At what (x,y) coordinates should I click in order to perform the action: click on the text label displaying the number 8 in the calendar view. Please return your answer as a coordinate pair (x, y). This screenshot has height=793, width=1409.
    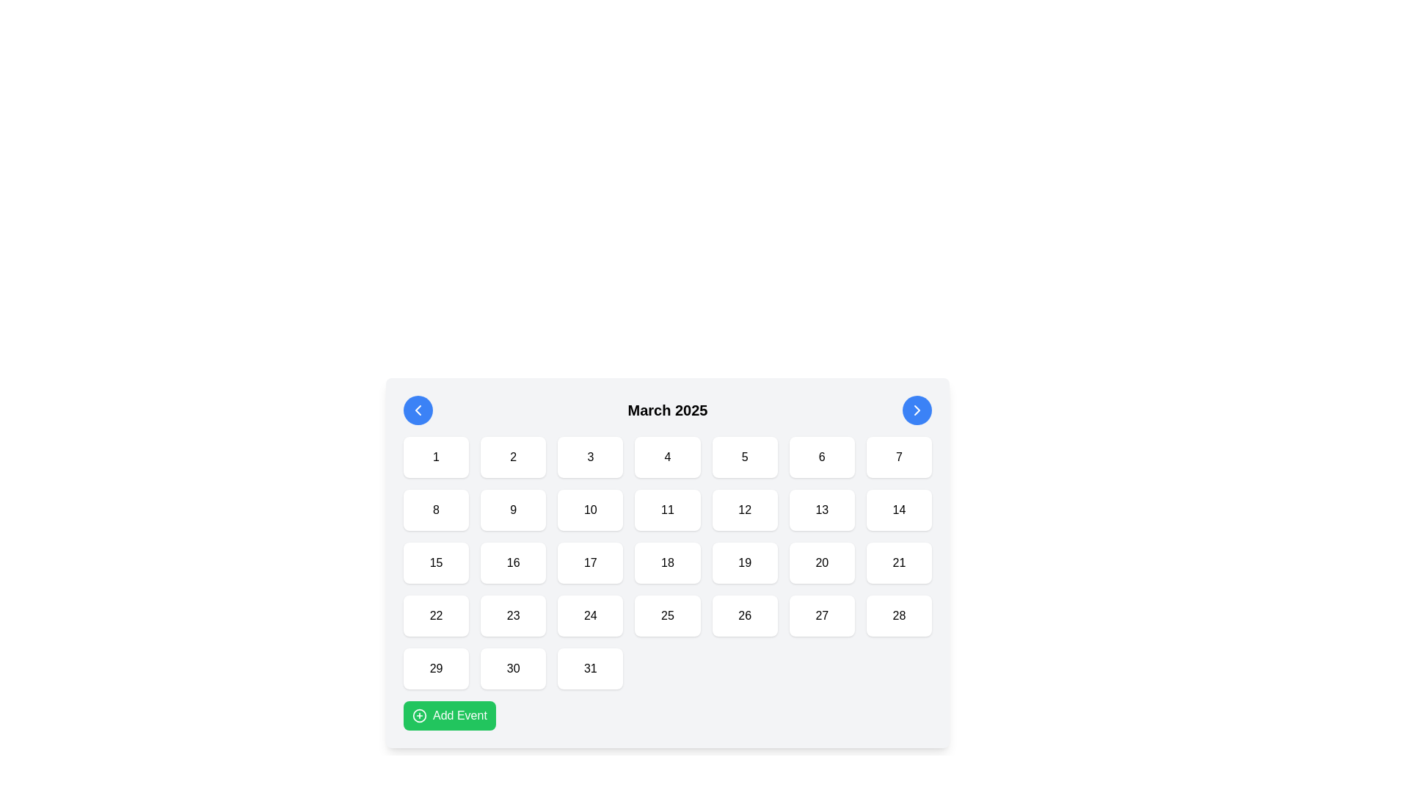
    Looking at the image, I should click on (435, 509).